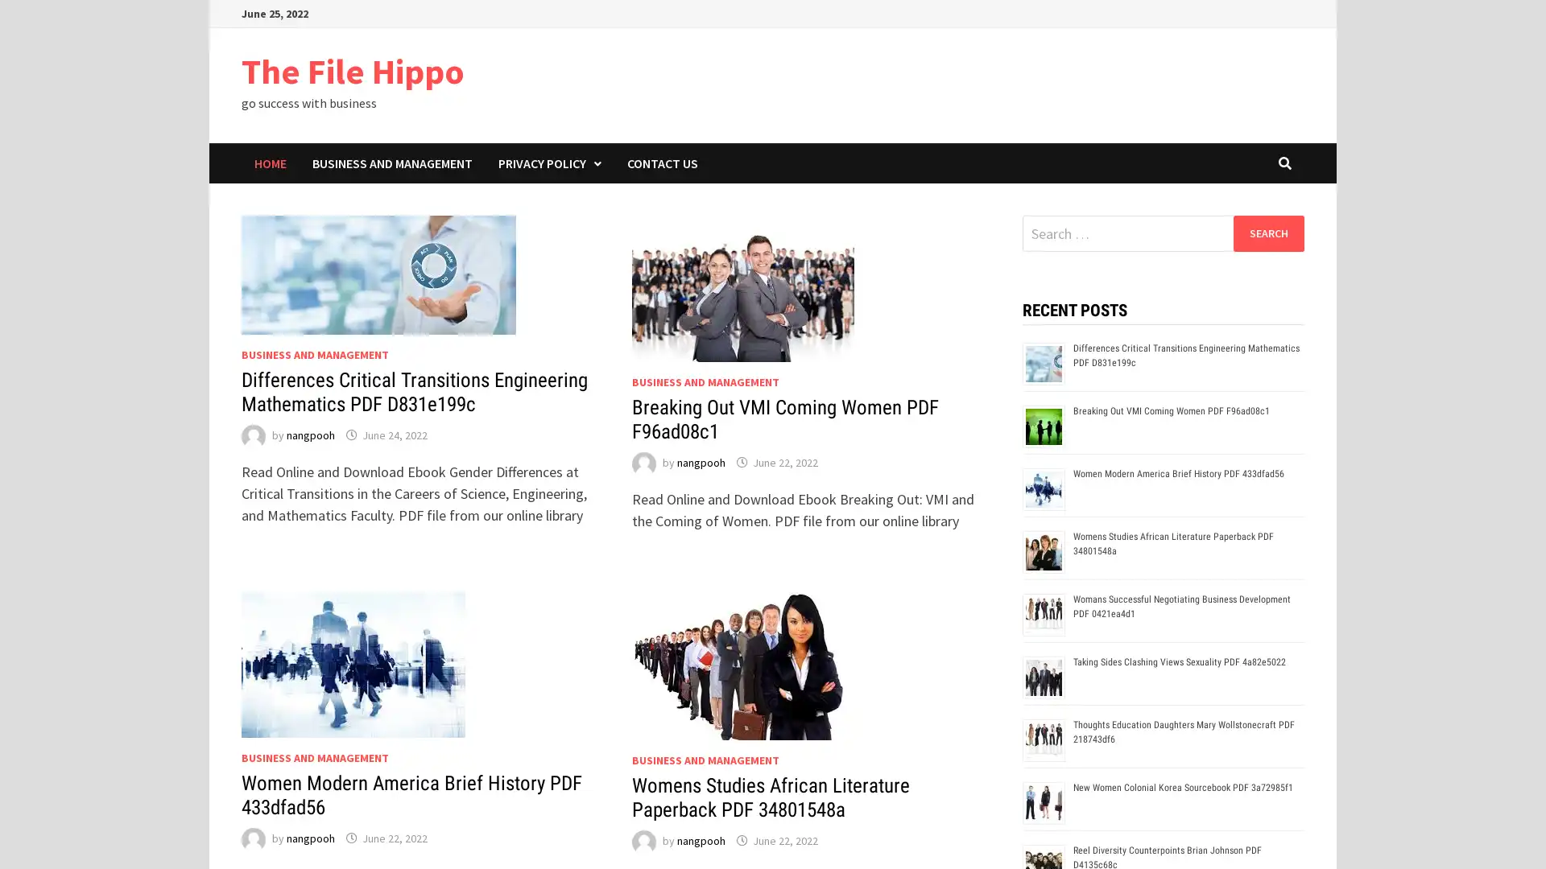 Image resolution: width=1546 pixels, height=869 pixels. Describe the element at coordinates (1267, 233) in the screenshot. I see `Search` at that location.